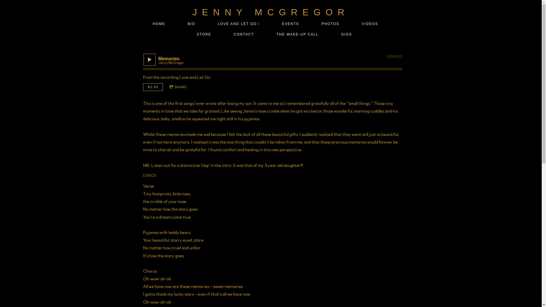 The width and height of the screenshot is (546, 307). I want to click on 'GIGS', so click(346, 34).